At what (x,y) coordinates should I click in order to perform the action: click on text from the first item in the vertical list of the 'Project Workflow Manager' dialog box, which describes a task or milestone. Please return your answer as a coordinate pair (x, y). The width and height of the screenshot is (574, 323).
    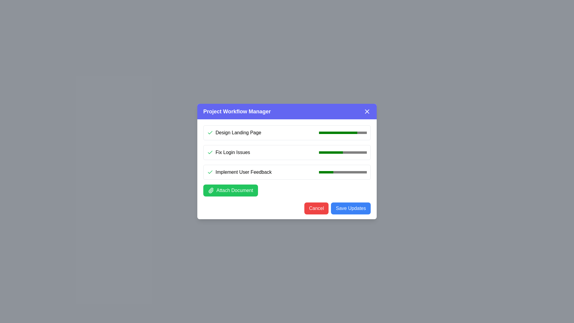
    Looking at the image, I should click on (238, 132).